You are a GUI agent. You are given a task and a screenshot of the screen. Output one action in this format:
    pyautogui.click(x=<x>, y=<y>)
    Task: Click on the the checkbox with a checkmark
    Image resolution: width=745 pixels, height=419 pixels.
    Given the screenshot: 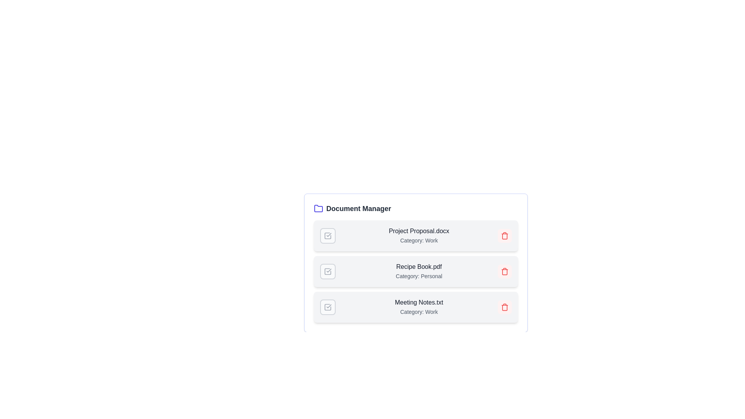 What is the action you would take?
    pyautogui.click(x=327, y=306)
    